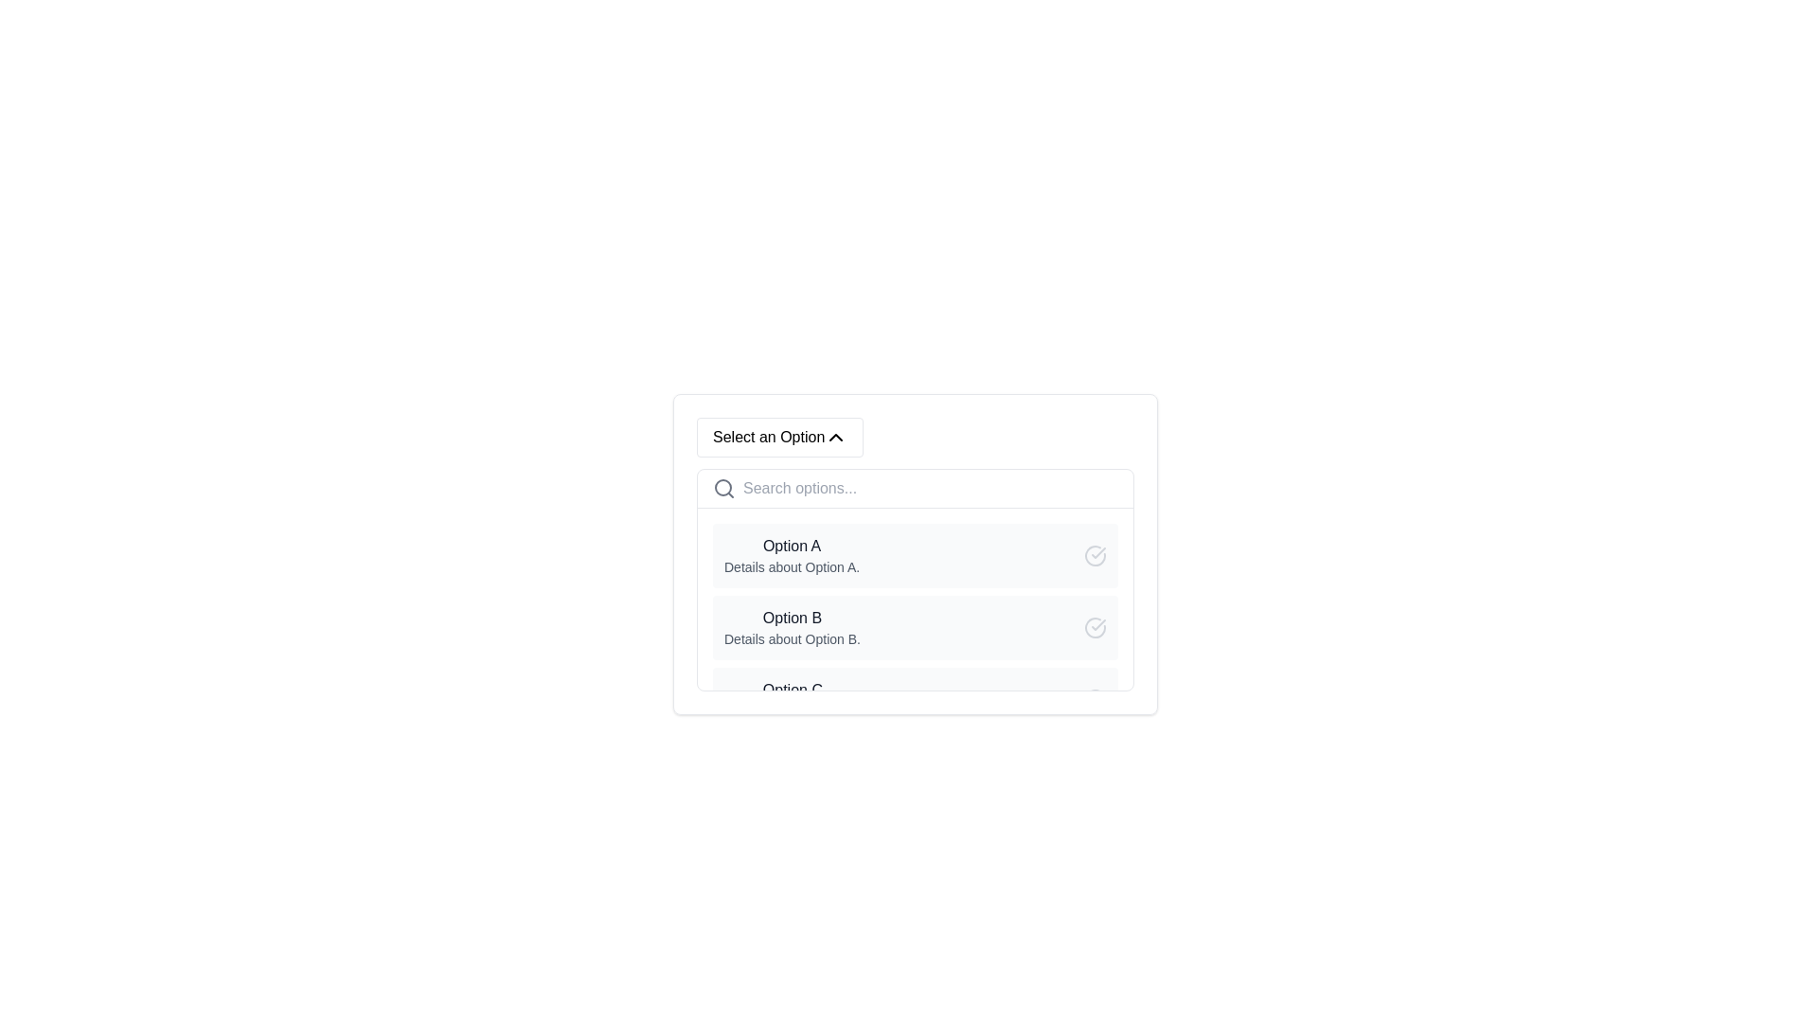  Describe the element at coordinates (722, 488) in the screenshot. I see `the search icon, which is a gray magnifying glass located to the left of the search input field with the placeholder text 'Search options...', in order to initiate a search function` at that location.